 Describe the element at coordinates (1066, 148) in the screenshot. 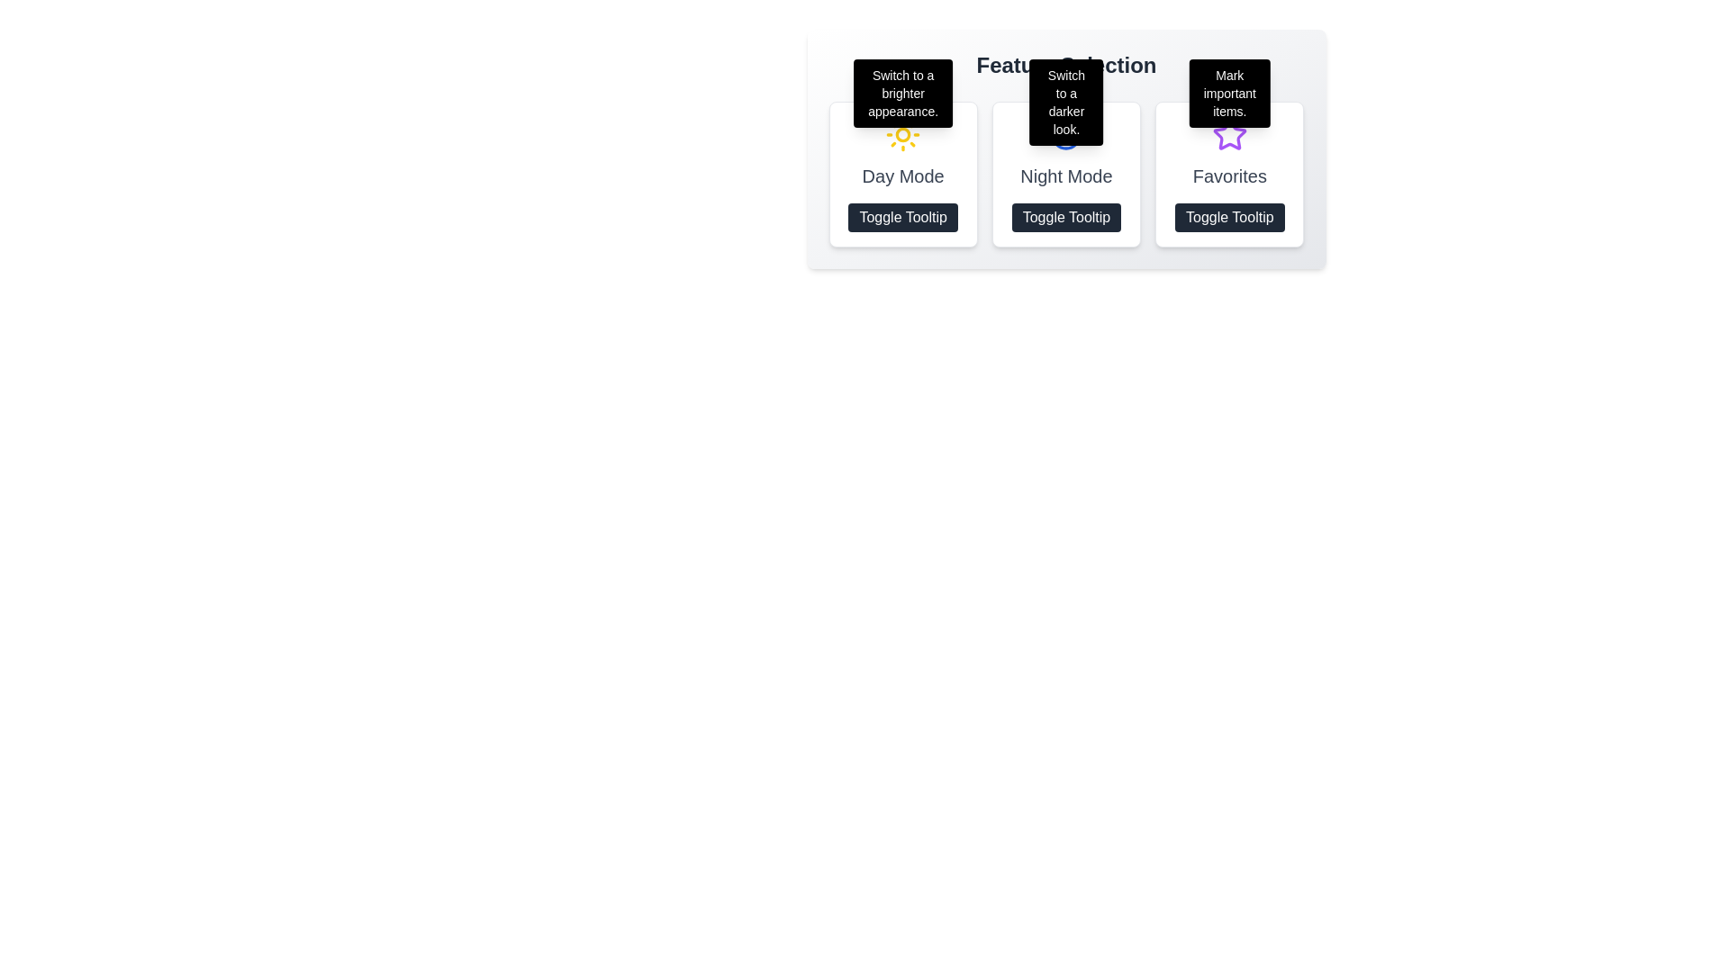

I see `the interactive buttons within the 'Feature Selection' card component` at that location.